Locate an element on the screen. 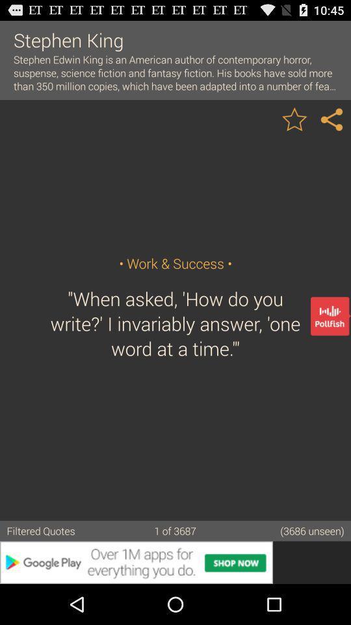 The width and height of the screenshot is (351, 625). quote is located at coordinates (294, 118).